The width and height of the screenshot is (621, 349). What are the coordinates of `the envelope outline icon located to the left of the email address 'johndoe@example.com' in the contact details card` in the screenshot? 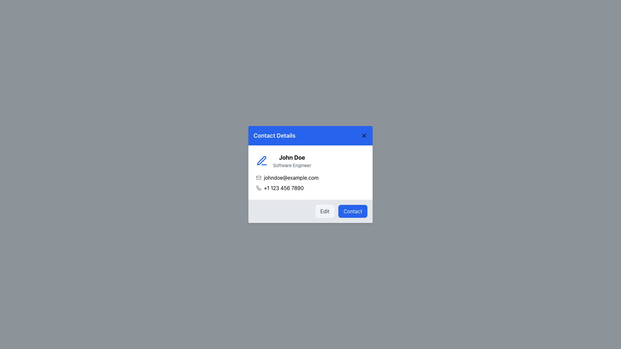 It's located at (259, 178).